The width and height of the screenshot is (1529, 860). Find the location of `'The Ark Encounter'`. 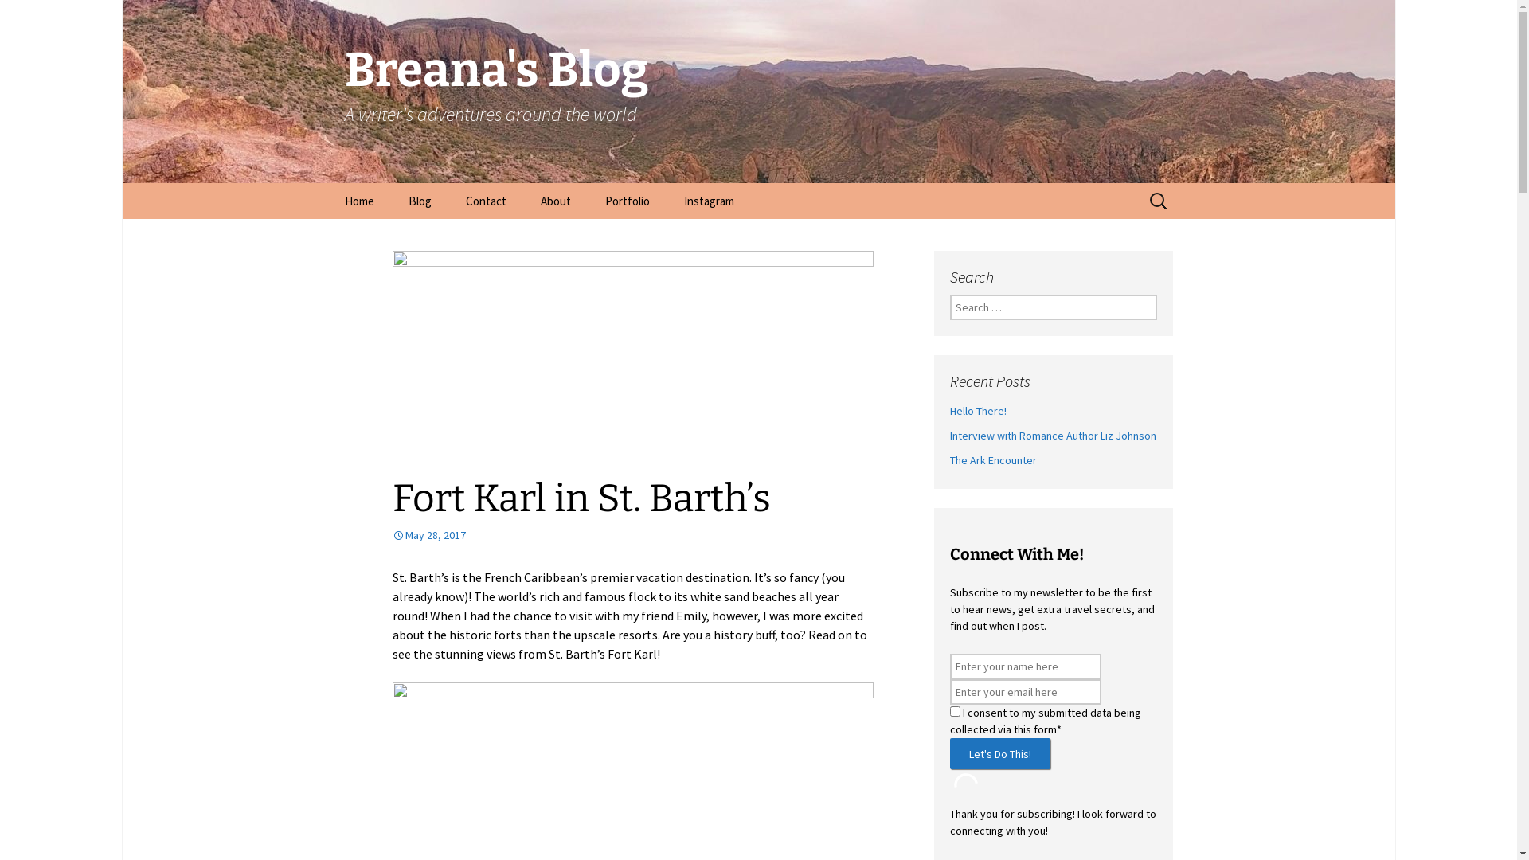

'The Ark Encounter' is located at coordinates (948, 460).